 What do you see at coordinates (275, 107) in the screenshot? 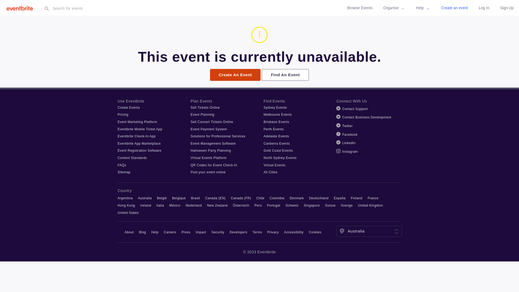
I see `'Sydney Events'` at bounding box center [275, 107].